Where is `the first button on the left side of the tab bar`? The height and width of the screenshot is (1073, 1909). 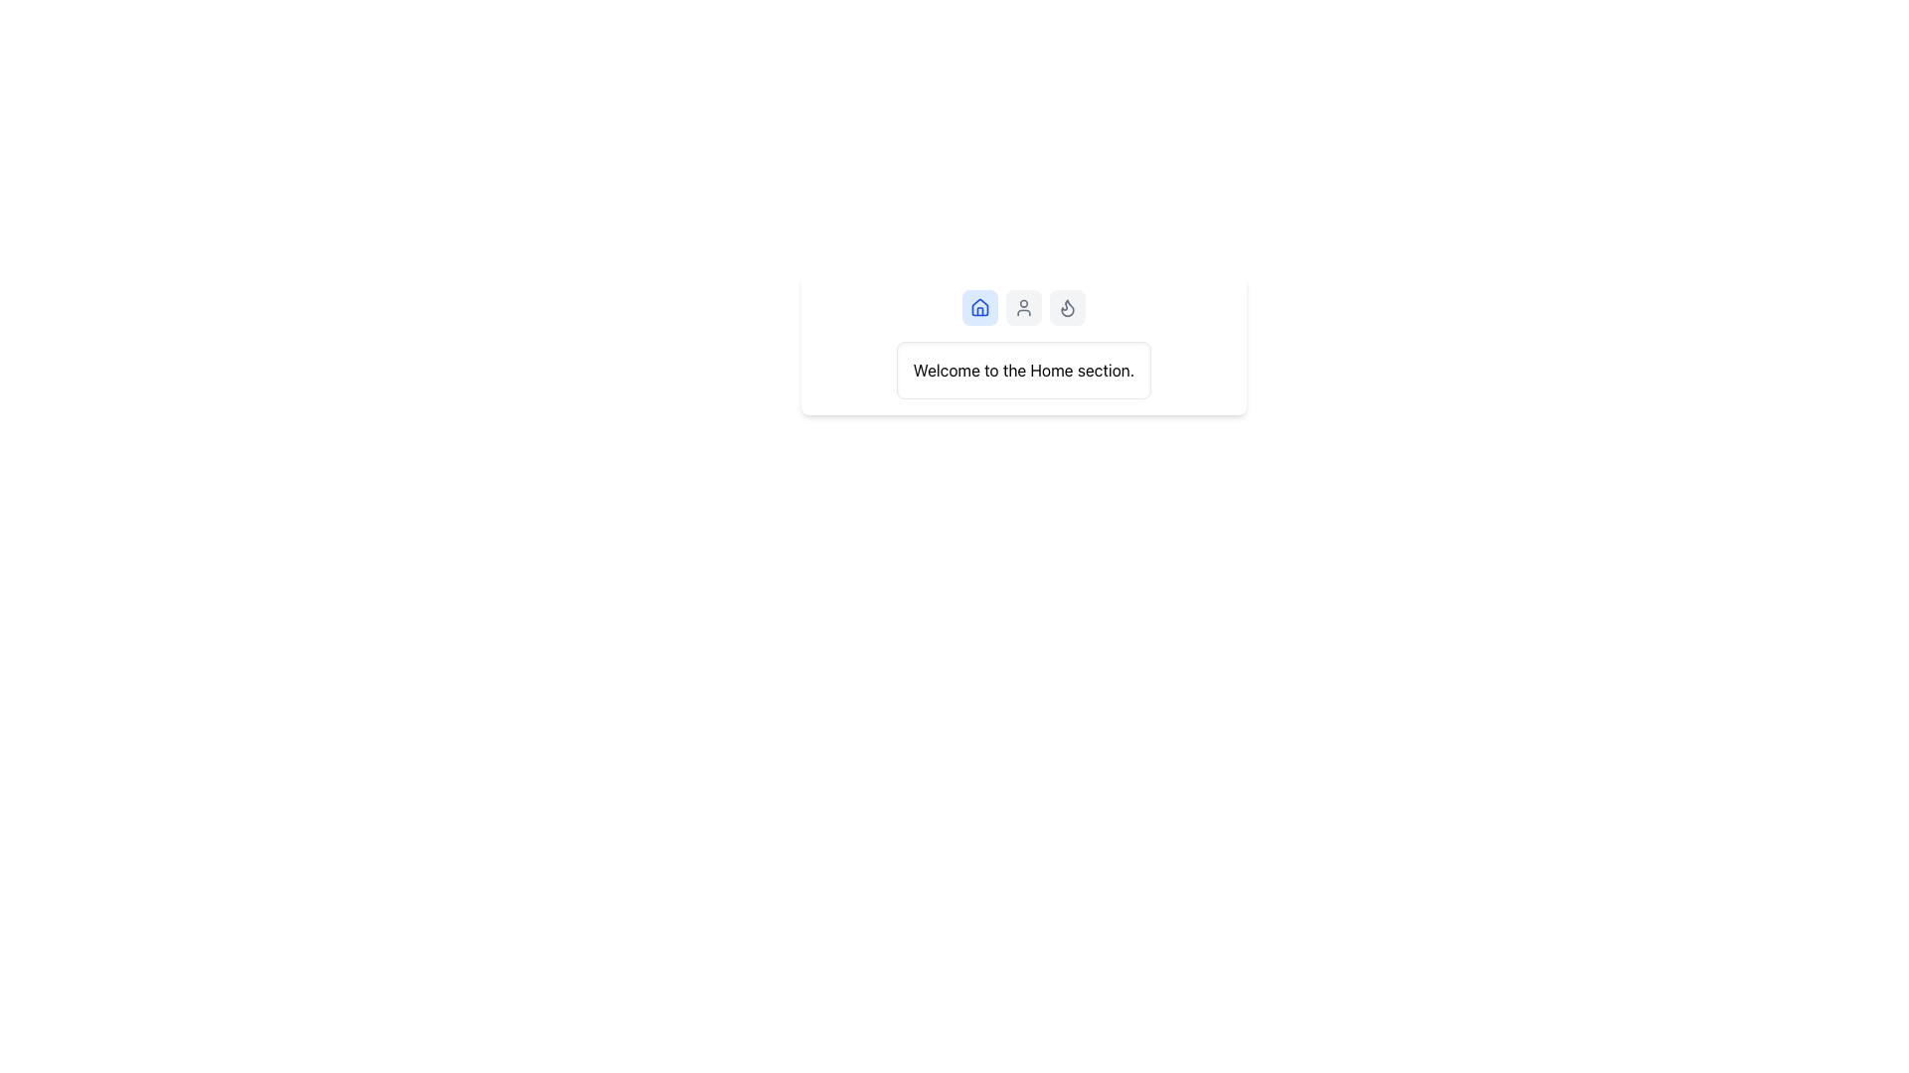 the first button on the left side of the tab bar is located at coordinates (979, 307).